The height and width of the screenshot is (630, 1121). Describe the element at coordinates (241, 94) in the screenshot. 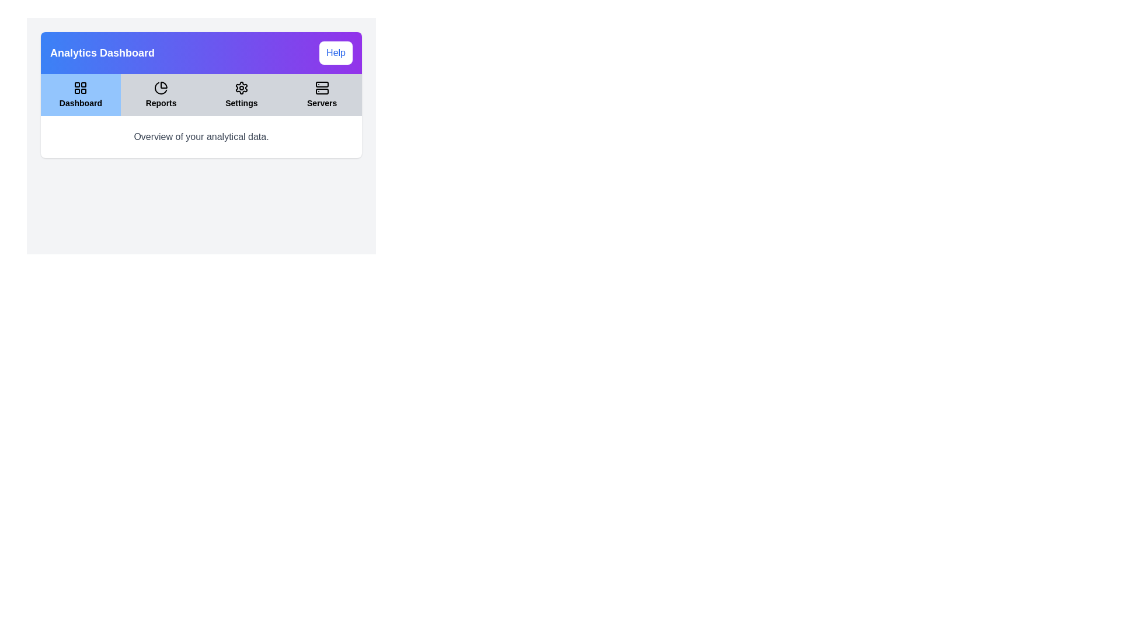

I see `the third button in a row of four options near the top of the interface` at that location.